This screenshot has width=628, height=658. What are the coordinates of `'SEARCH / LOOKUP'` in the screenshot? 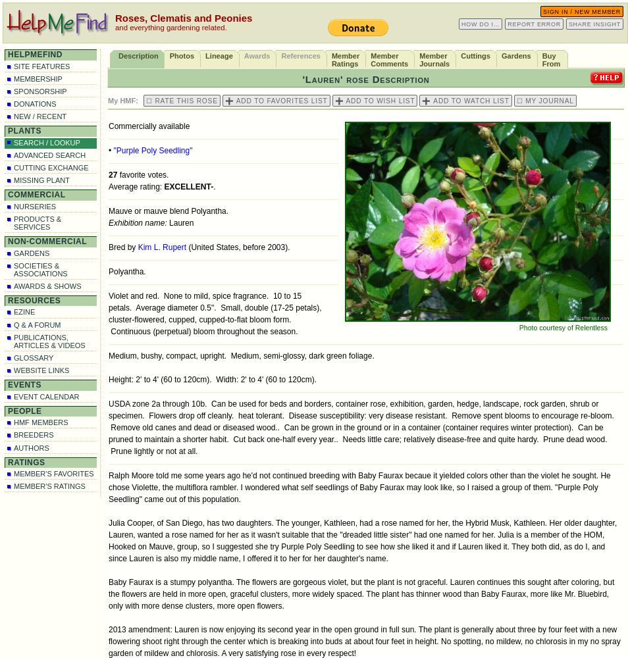 It's located at (45, 141).